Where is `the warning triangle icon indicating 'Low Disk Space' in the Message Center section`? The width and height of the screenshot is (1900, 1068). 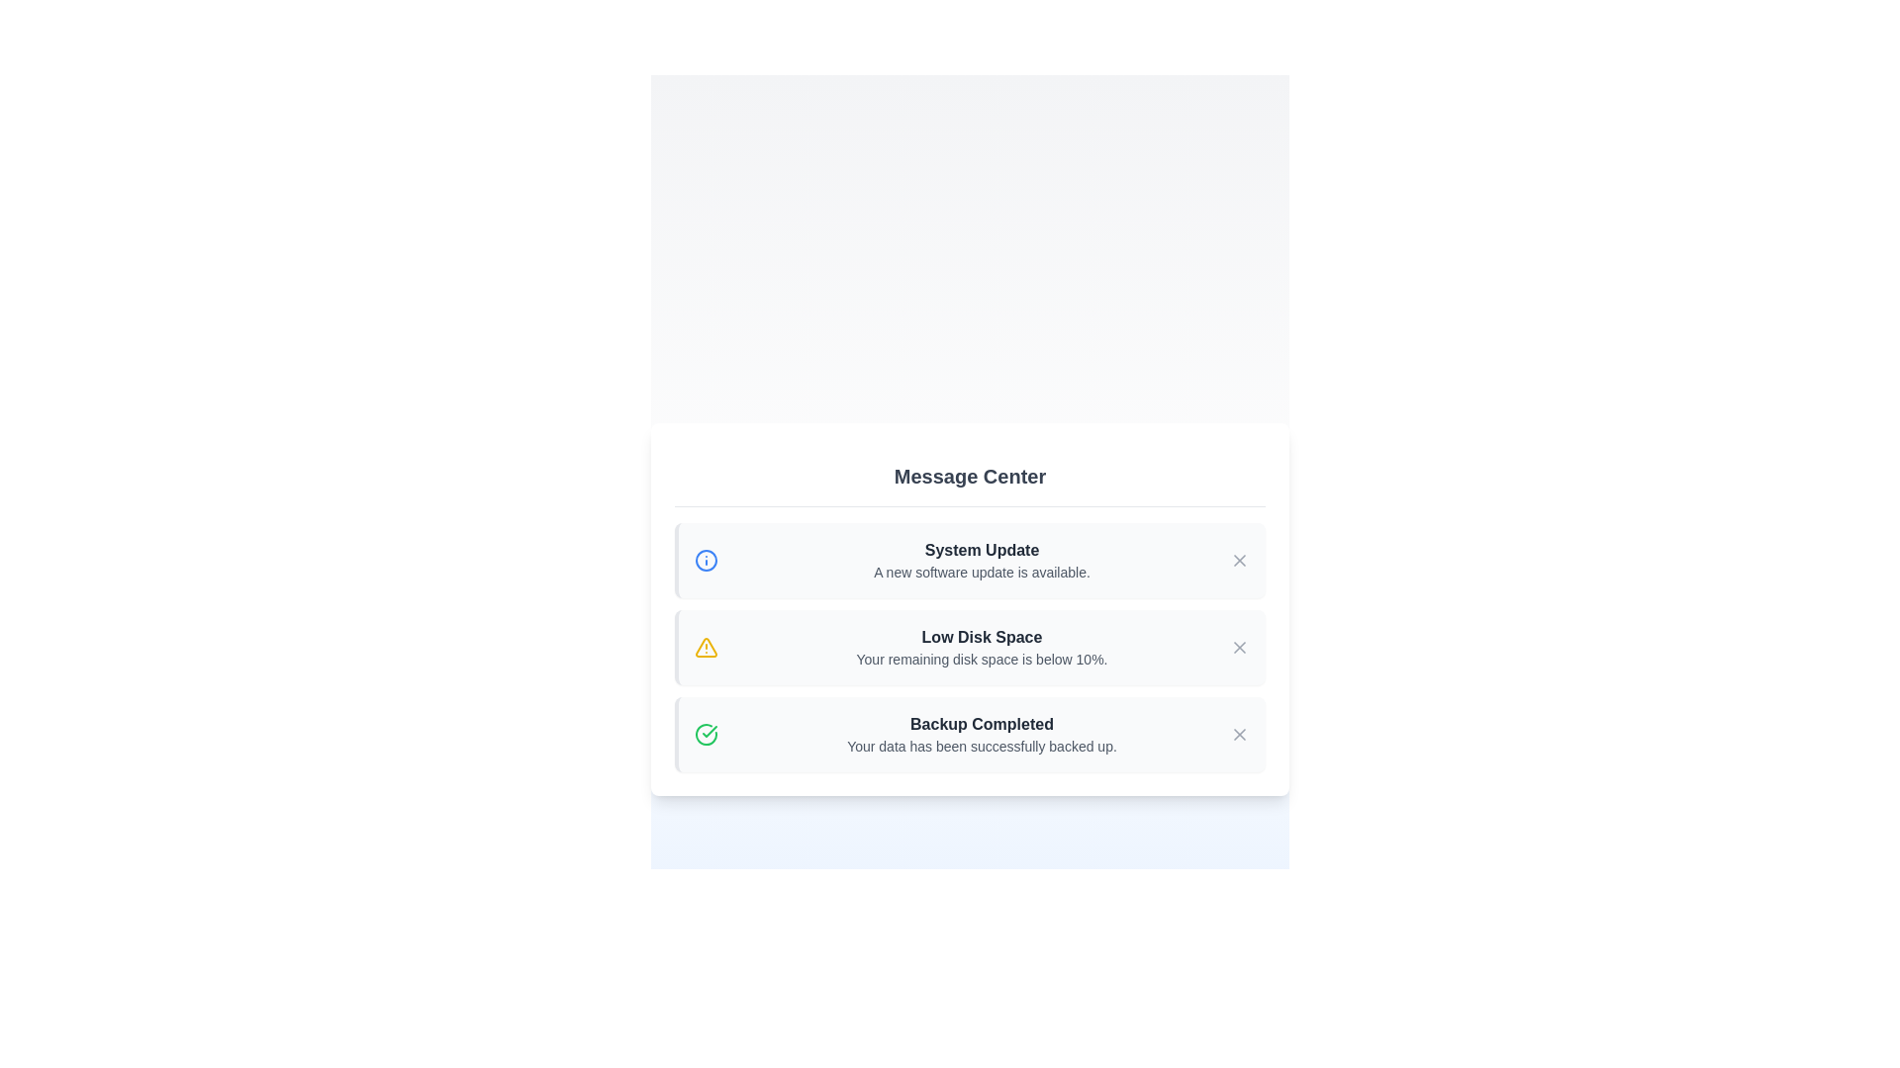 the warning triangle icon indicating 'Low Disk Space' in the Message Center section is located at coordinates (707, 647).